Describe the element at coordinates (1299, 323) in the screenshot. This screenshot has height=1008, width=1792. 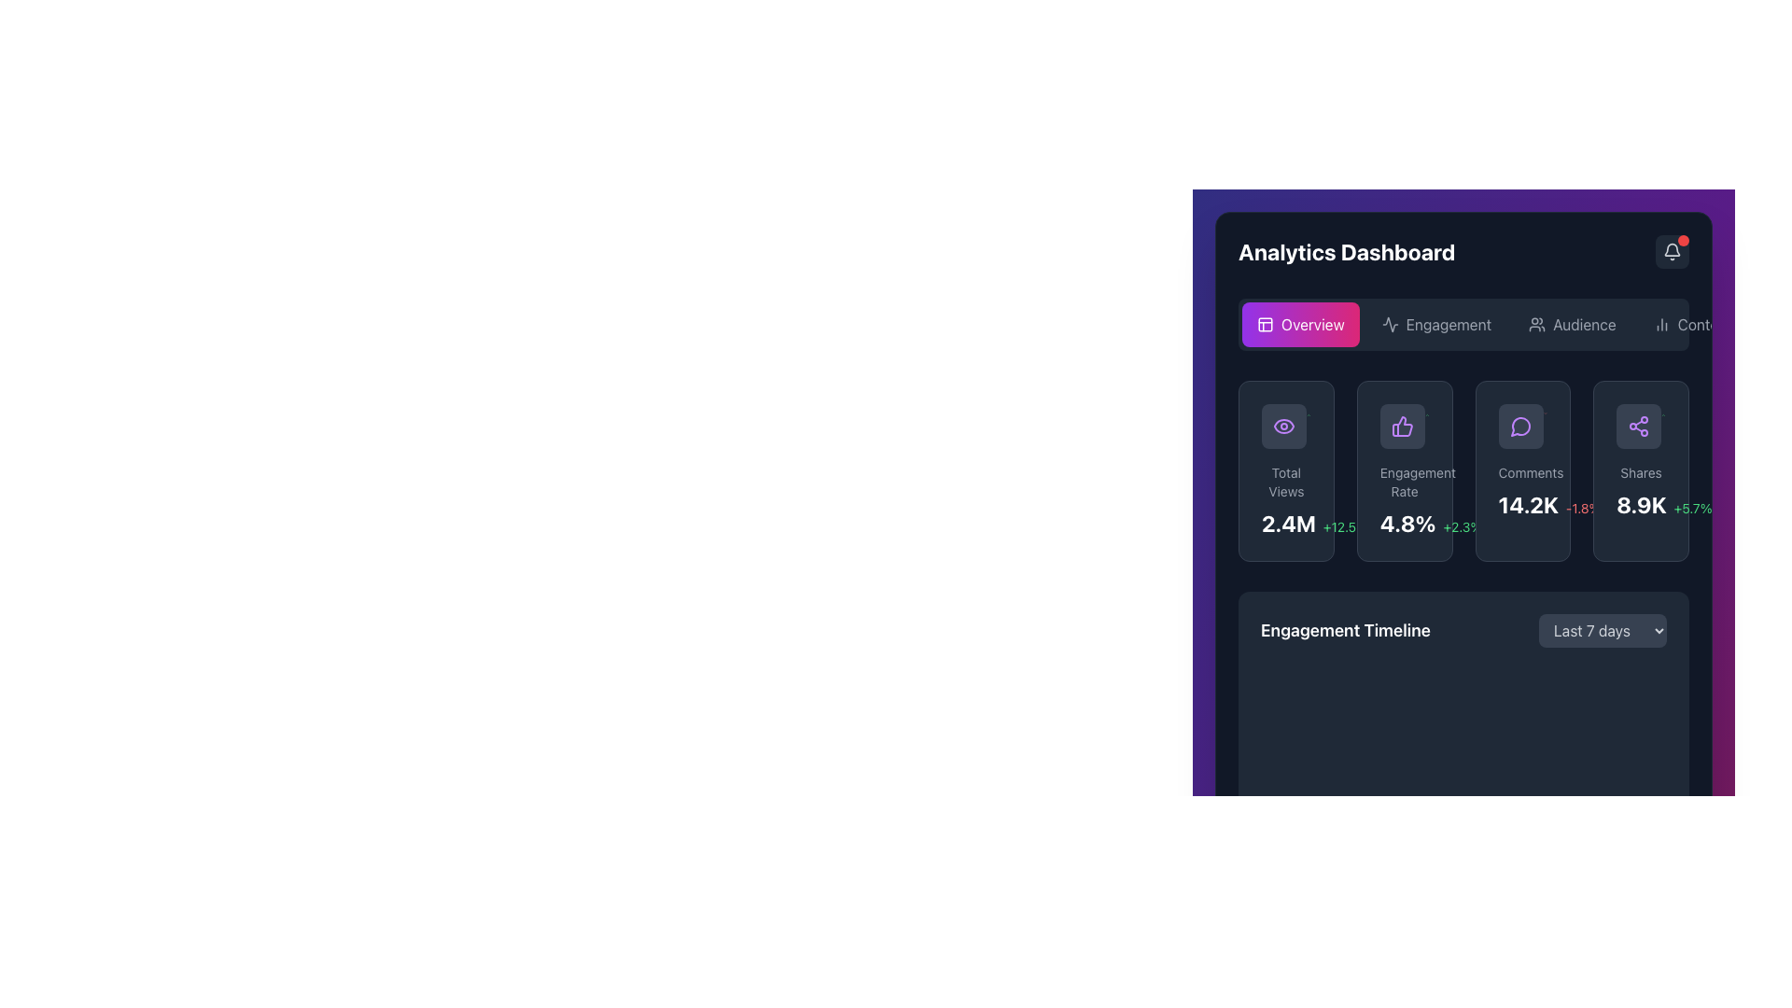
I see `the Navigation button located at the top section of the interface, which is the first button in a horizontal set of navigation options` at that location.